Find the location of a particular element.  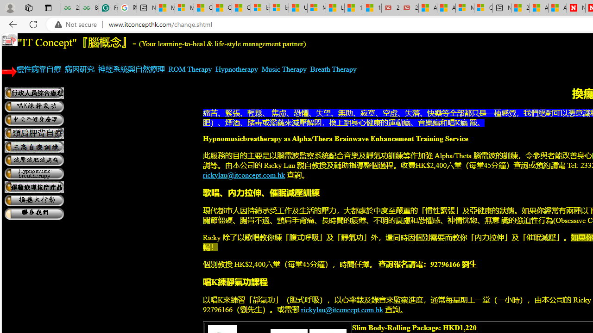

'Hypnotherapy' is located at coordinates (236, 68).